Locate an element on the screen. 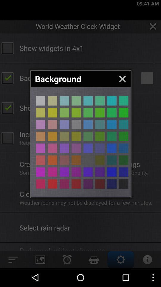 The height and width of the screenshot is (287, 161). the button is used to color option is located at coordinates (88, 160).